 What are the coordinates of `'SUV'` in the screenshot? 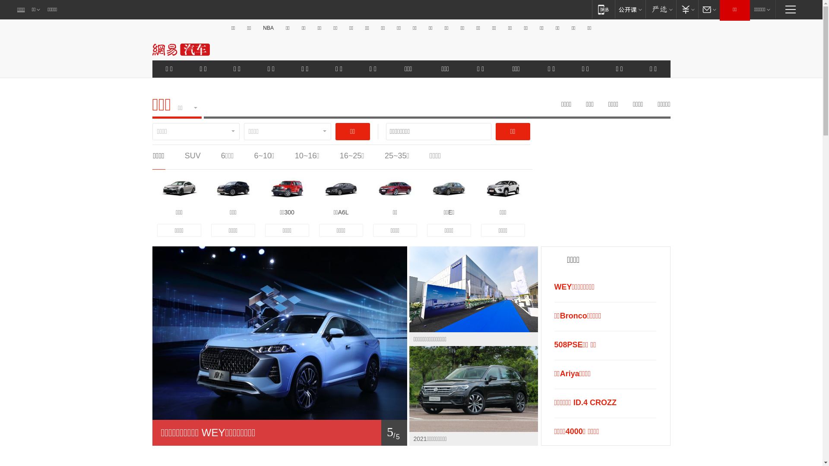 It's located at (192, 156).